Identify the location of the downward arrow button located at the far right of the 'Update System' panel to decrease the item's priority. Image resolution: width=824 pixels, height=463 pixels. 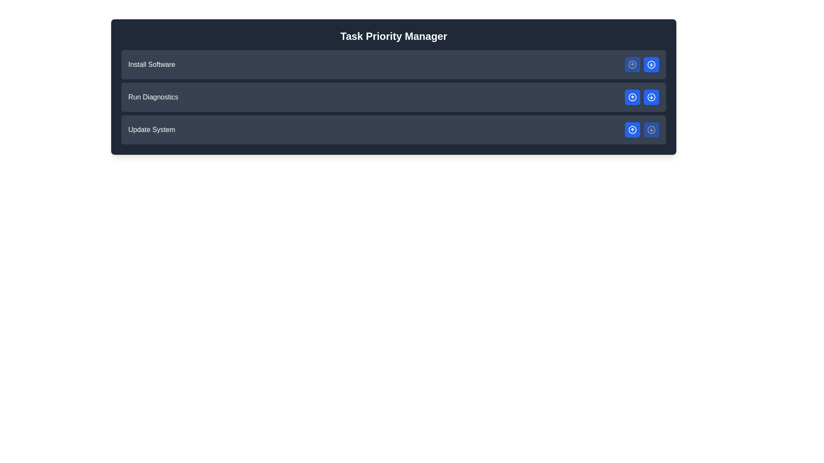
(642, 130).